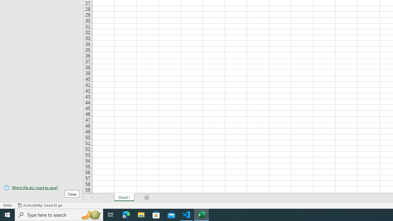  What do you see at coordinates (92, 198) in the screenshot?
I see `'Scroll Left'` at bounding box center [92, 198].